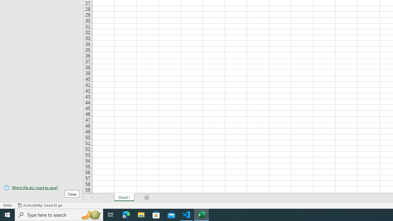  What do you see at coordinates (92, 198) in the screenshot?
I see `'Scroll Left'` at bounding box center [92, 198].